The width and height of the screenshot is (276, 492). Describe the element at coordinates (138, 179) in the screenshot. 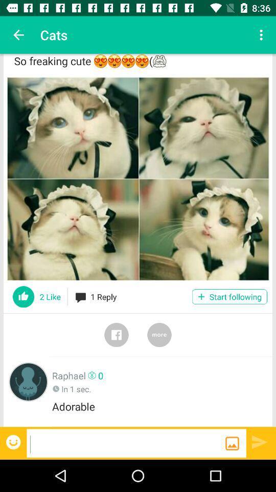

I see `adorables amigos` at that location.